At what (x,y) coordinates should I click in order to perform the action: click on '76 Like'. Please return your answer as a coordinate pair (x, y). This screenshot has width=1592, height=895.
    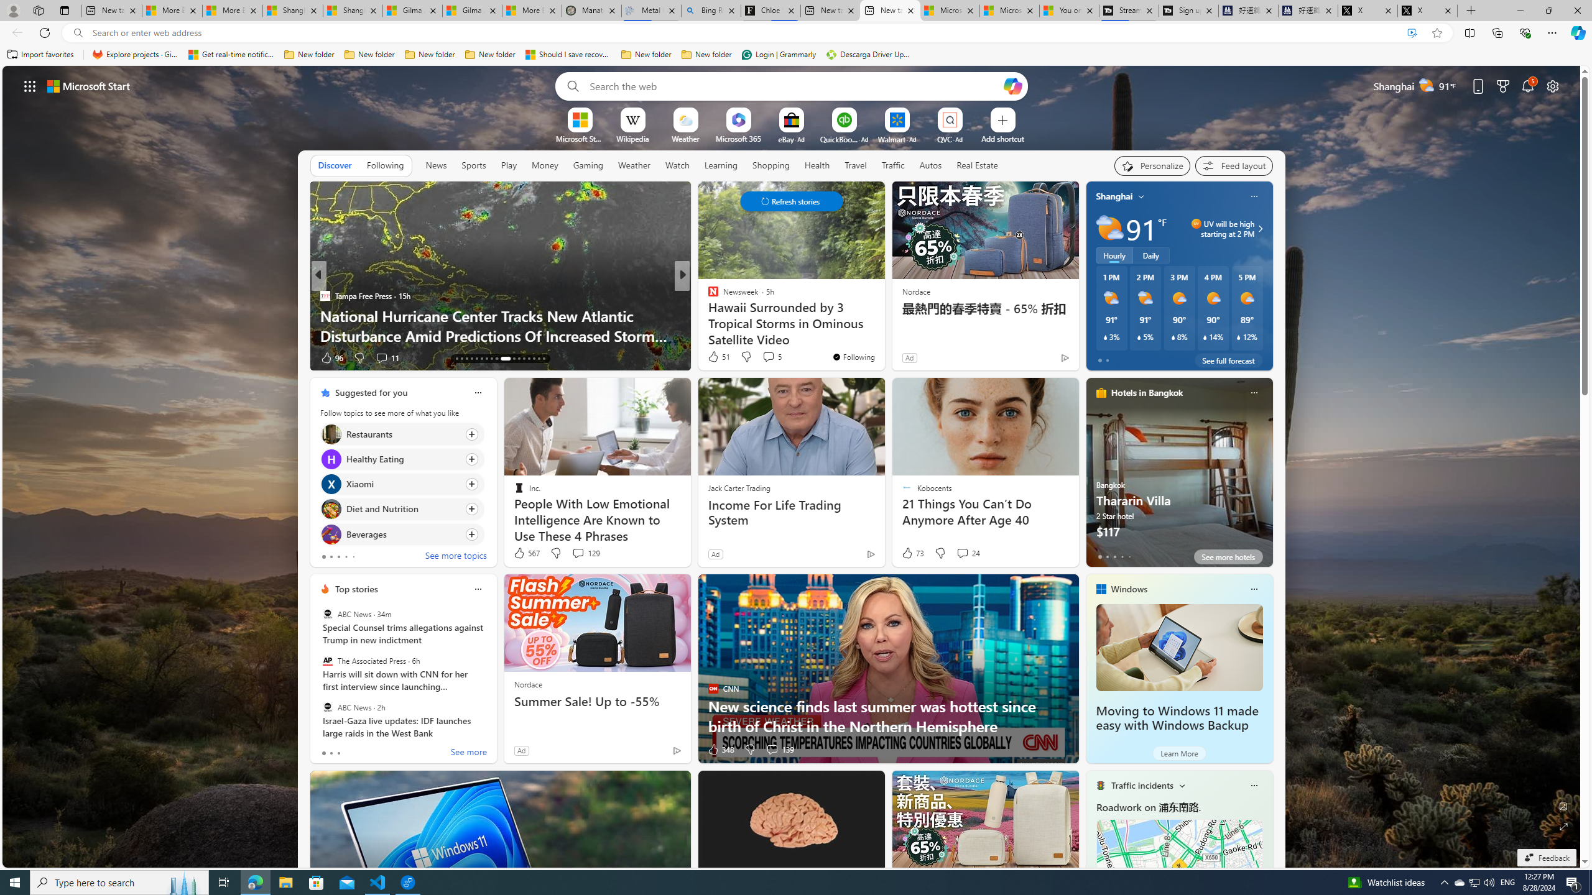
    Looking at the image, I should click on (713, 357).